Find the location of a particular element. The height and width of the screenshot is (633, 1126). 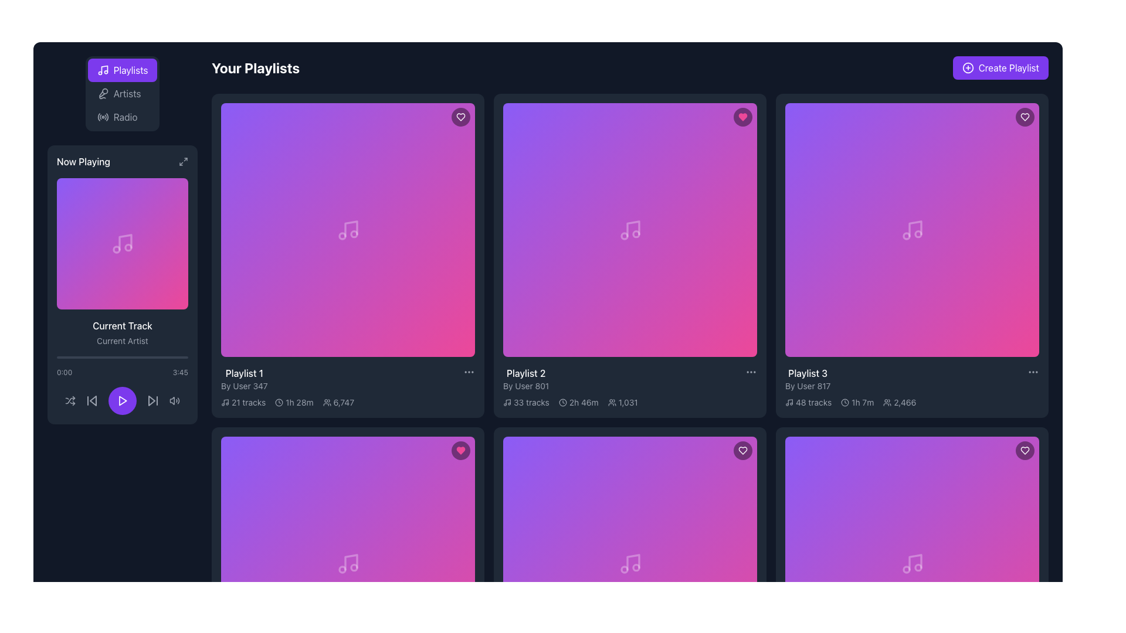

the ellipsis icon located at the top-right corner of the 'Playlist 2' card is located at coordinates (751, 372).